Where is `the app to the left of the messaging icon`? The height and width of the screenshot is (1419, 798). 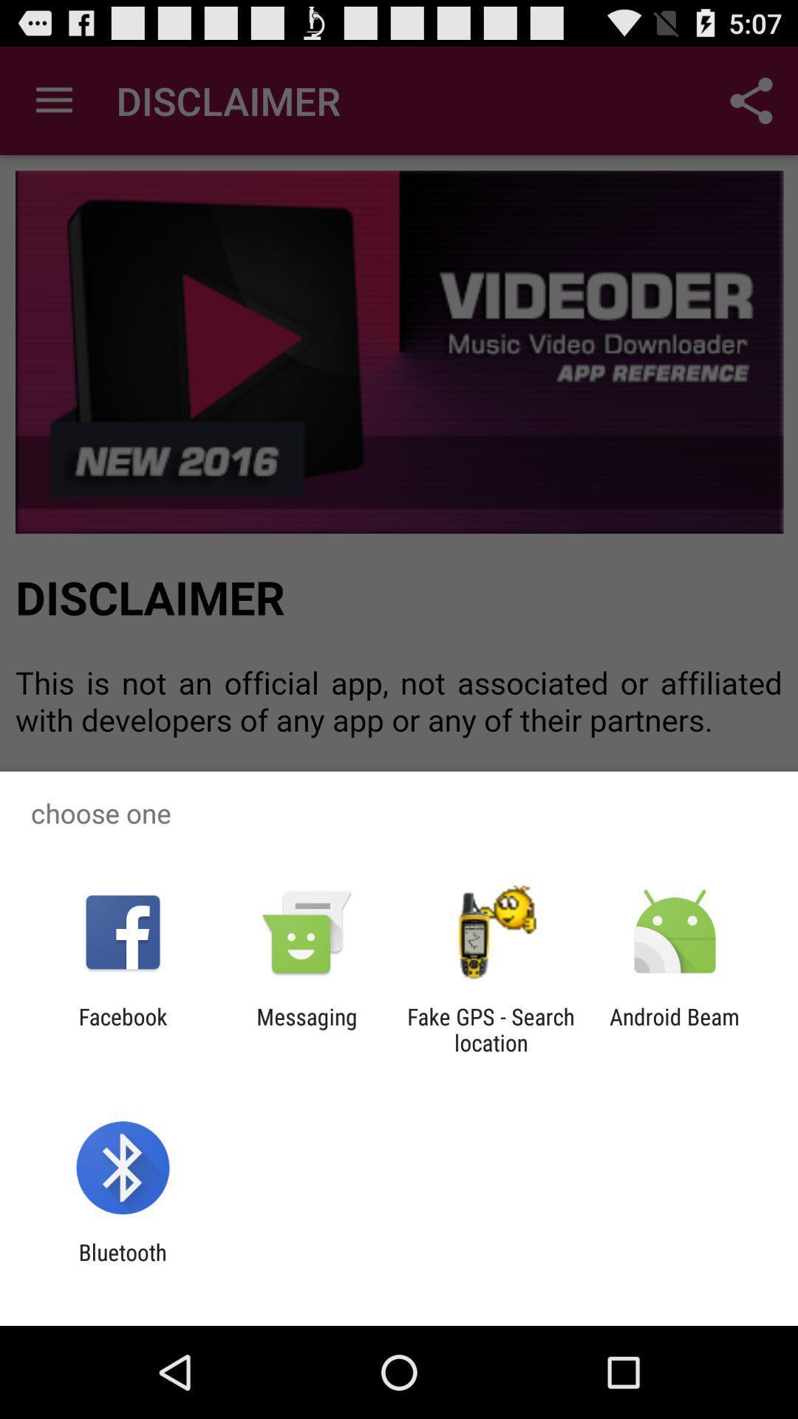 the app to the left of the messaging icon is located at coordinates (122, 1029).